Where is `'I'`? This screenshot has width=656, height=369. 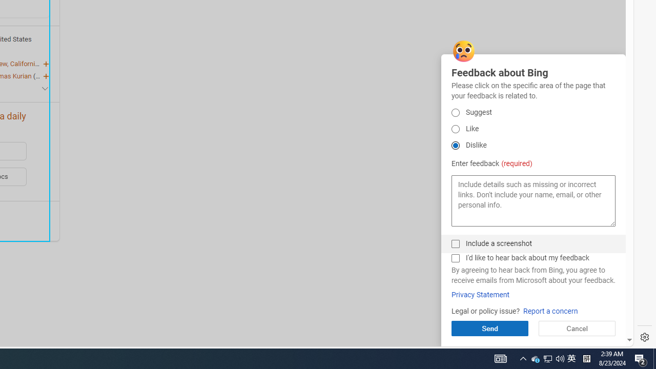
'I' is located at coordinates (455, 257).